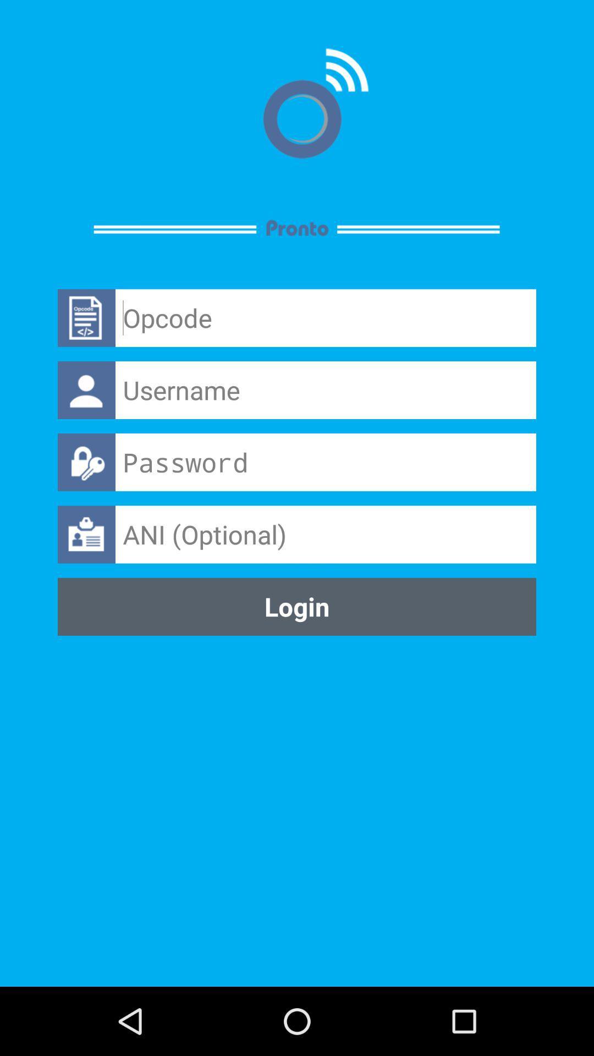  Describe the element at coordinates (325, 390) in the screenshot. I see `username input` at that location.